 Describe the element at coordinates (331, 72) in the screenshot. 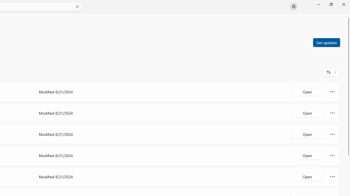

I see `'Sort and filter'` at that location.